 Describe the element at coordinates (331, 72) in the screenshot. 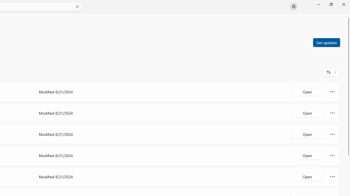

I see `'Sort and filter'` at that location.